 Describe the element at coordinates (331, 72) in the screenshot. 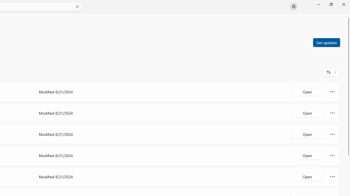

I see `'Sort and filter'` at that location.